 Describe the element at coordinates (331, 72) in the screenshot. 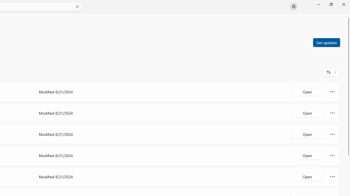

I see `'Sort and filter'` at that location.